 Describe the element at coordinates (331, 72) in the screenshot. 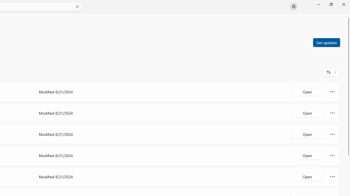

I see `'Sort and filter'` at that location.